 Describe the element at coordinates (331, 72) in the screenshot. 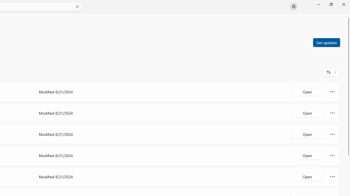

I see `'Sort and filter'` at that location.